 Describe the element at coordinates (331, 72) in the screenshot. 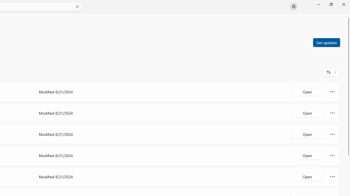

I see `'Sort and filter'` at that location.